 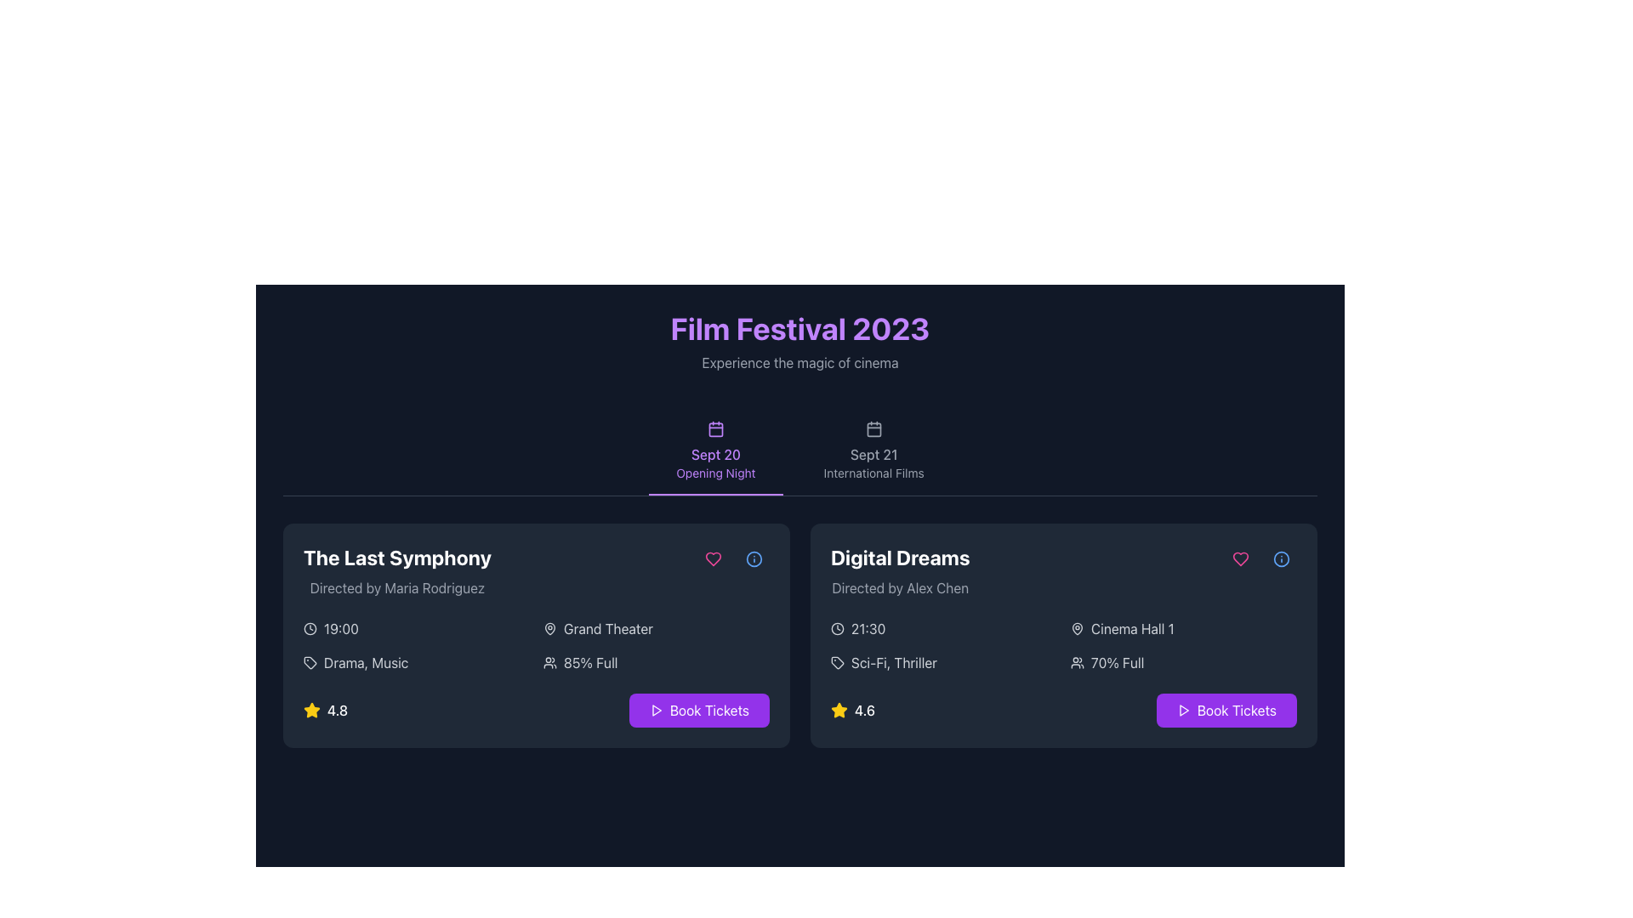 What do you see at coordinates (1237, 711) in the screenshot?
I see `text 'Book Tickets' located in the button with rounded corners and a purple background at the bottom-right corner of the 'Digital Dreams' movie card` at bounding box center [1237, 711].